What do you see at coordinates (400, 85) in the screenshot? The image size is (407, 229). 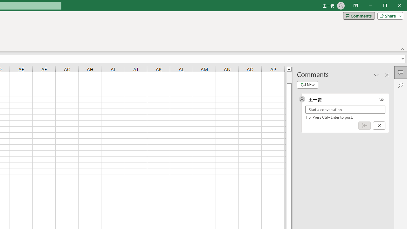 I see `'Search'` at bounding box center [400, 85].